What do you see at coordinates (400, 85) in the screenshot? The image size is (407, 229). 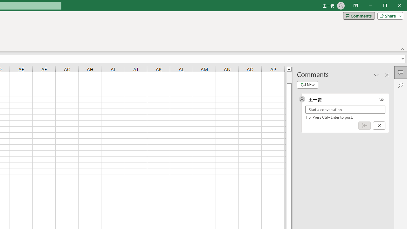 I see `'Search'` at bounding box center [400, 85].